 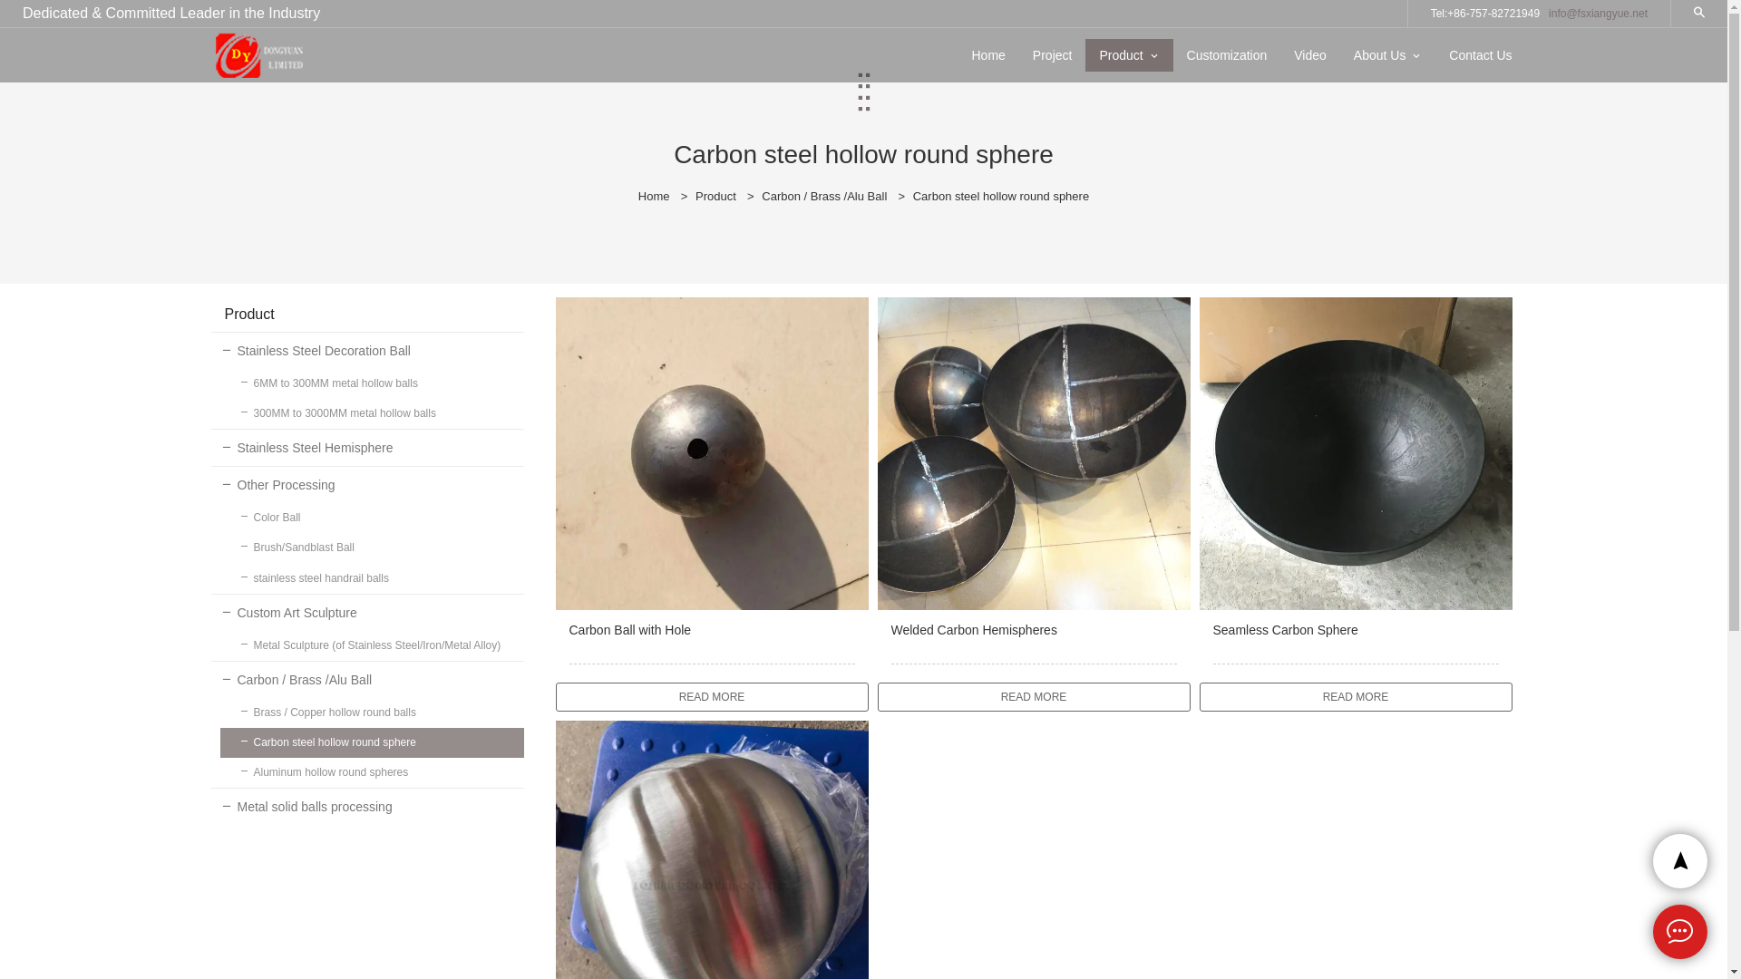 What do you see at coordinates (710, 641) in the screenshot?
I see `'Carbon Ball with Hole'` at bounding box center [710, 641].